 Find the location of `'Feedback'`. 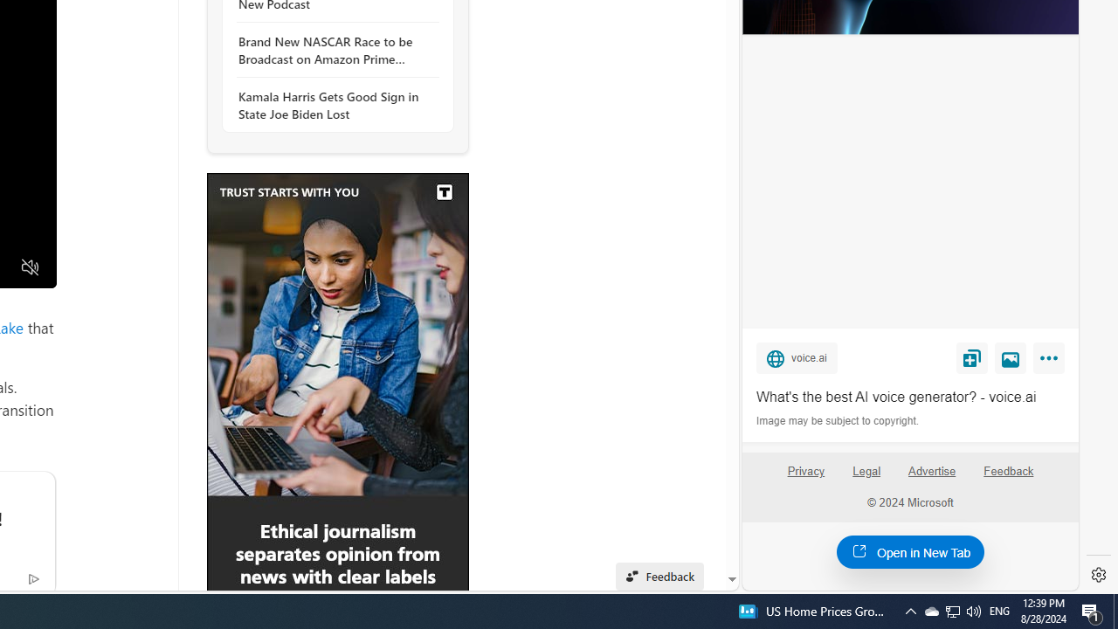

'Feedback' is located at coordinates (1009, 478).